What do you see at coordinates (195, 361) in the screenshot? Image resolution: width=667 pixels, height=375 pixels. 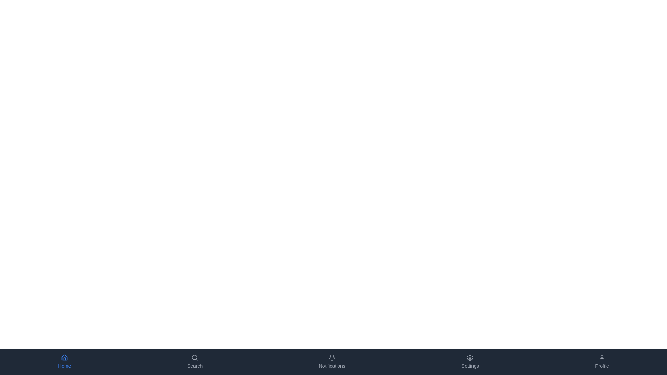 I see `the 'Search' button, which features a magnifying glass icon and is the second item in the bottom navigation menu` at bounding box center [195, 361].